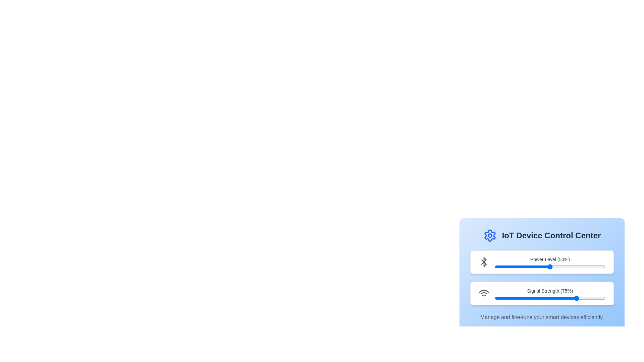 Image resolution: width=644 pixels, height=362 pixels. I want to click on the Power Level slider to 81%, so click(584, 266).